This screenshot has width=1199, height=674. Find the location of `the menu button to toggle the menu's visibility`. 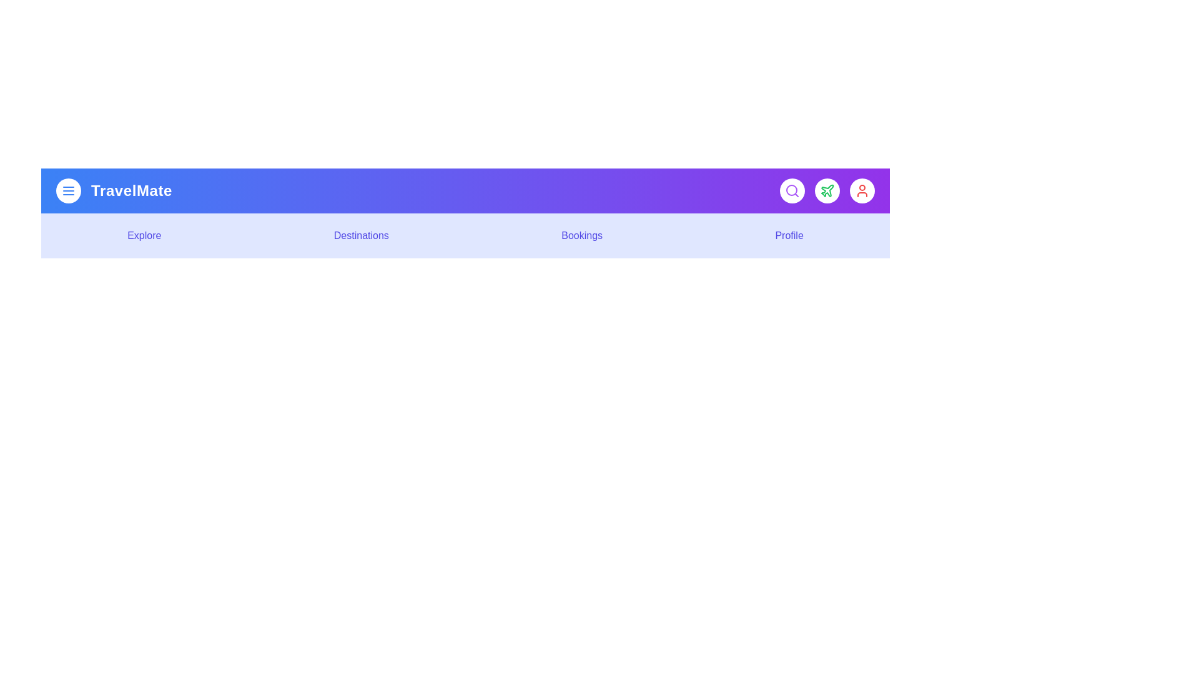

the menu button to toggle the menu's visibility is located at coordinates (68, 190).